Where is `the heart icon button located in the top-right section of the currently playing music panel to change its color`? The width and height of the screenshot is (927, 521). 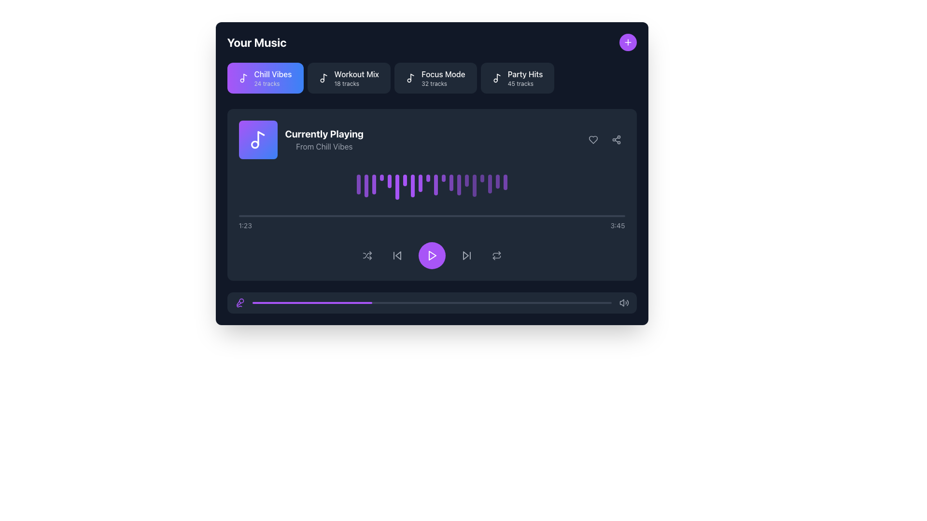
the heart icon button located in the top-right section of the currently playing music panel to change its color is located at coordinates (592, 139).